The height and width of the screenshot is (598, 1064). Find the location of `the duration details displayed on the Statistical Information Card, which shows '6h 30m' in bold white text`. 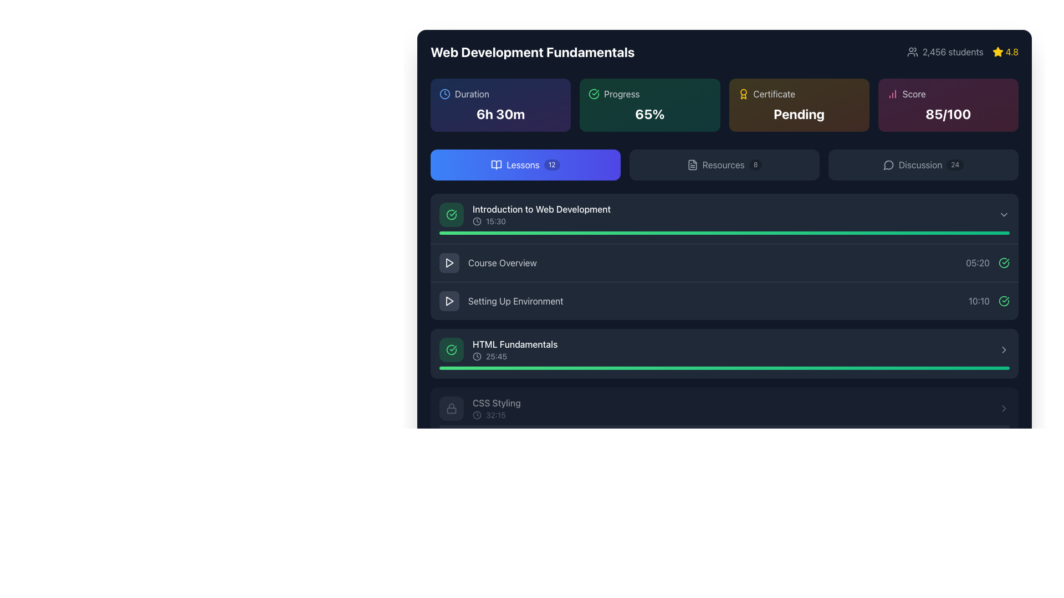

the duration details displayed on the Statistical Information Card, which shows '6h 30m' in bold white text is located at coordinates (500, 105).